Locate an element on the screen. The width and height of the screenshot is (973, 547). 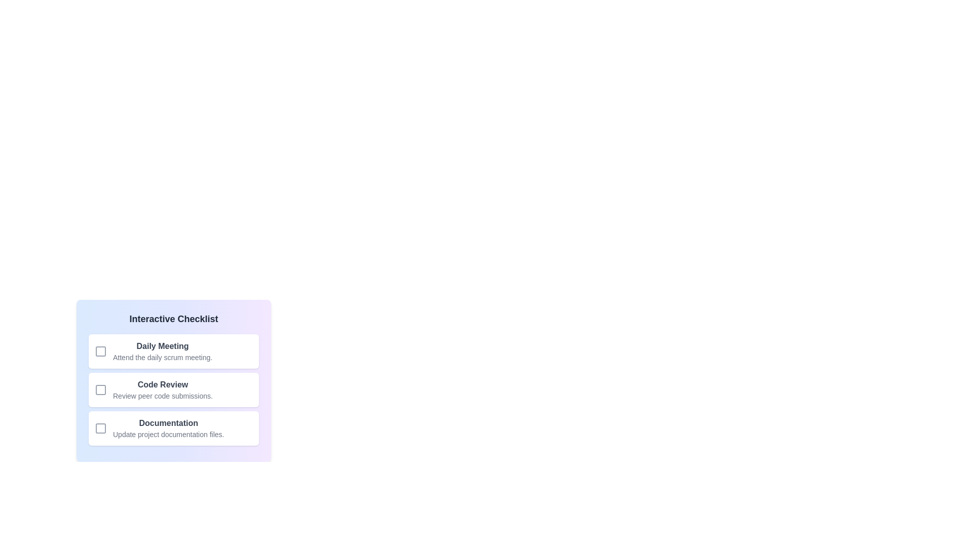
the checkbox is located at coordinates (100, 351).